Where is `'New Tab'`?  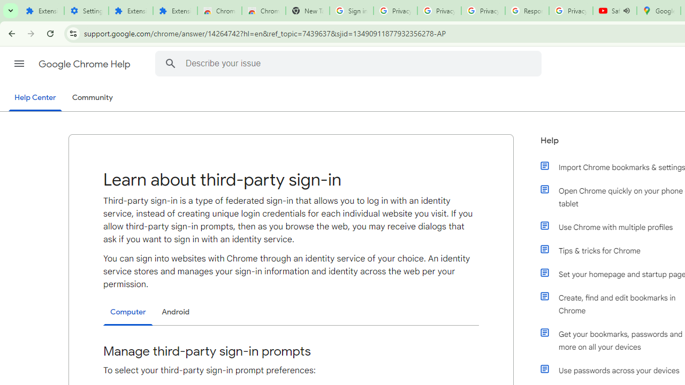
'New Tab' is located at coordinates (307, 11).